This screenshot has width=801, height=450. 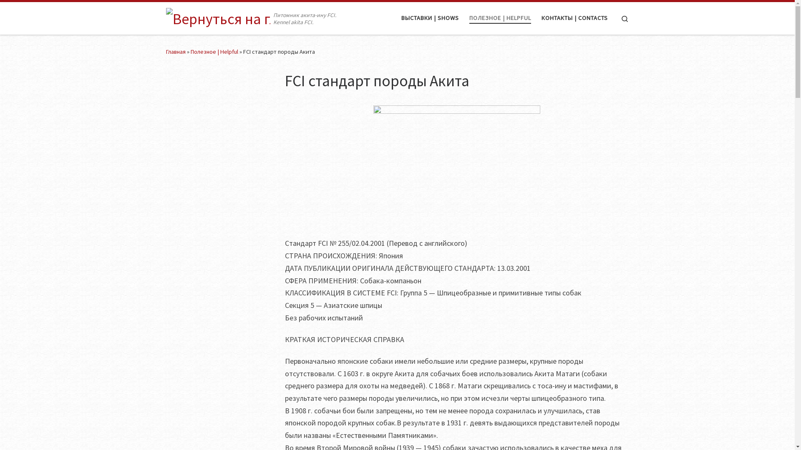 What do you see at coordinates (625, 18) in the screenshot?
I see `'Search'` at bounding box center [625, 18].